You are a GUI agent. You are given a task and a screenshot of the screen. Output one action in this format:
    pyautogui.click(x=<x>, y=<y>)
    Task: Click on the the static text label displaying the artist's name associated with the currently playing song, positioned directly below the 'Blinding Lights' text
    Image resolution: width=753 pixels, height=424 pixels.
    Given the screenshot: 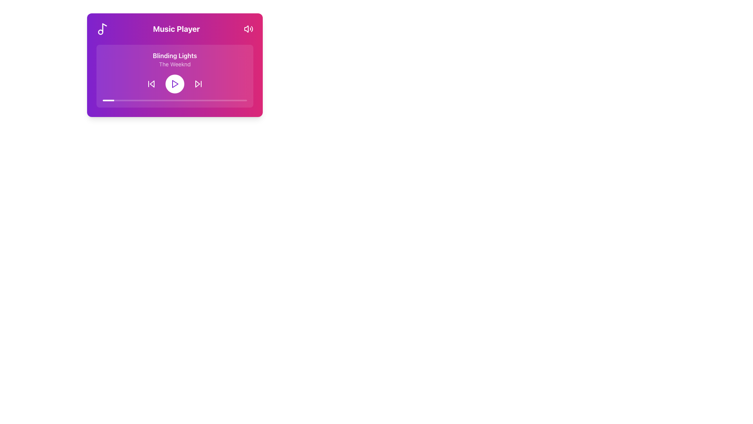 What is the action you would take?
    pyautogui.click(x=175, y=64)
    